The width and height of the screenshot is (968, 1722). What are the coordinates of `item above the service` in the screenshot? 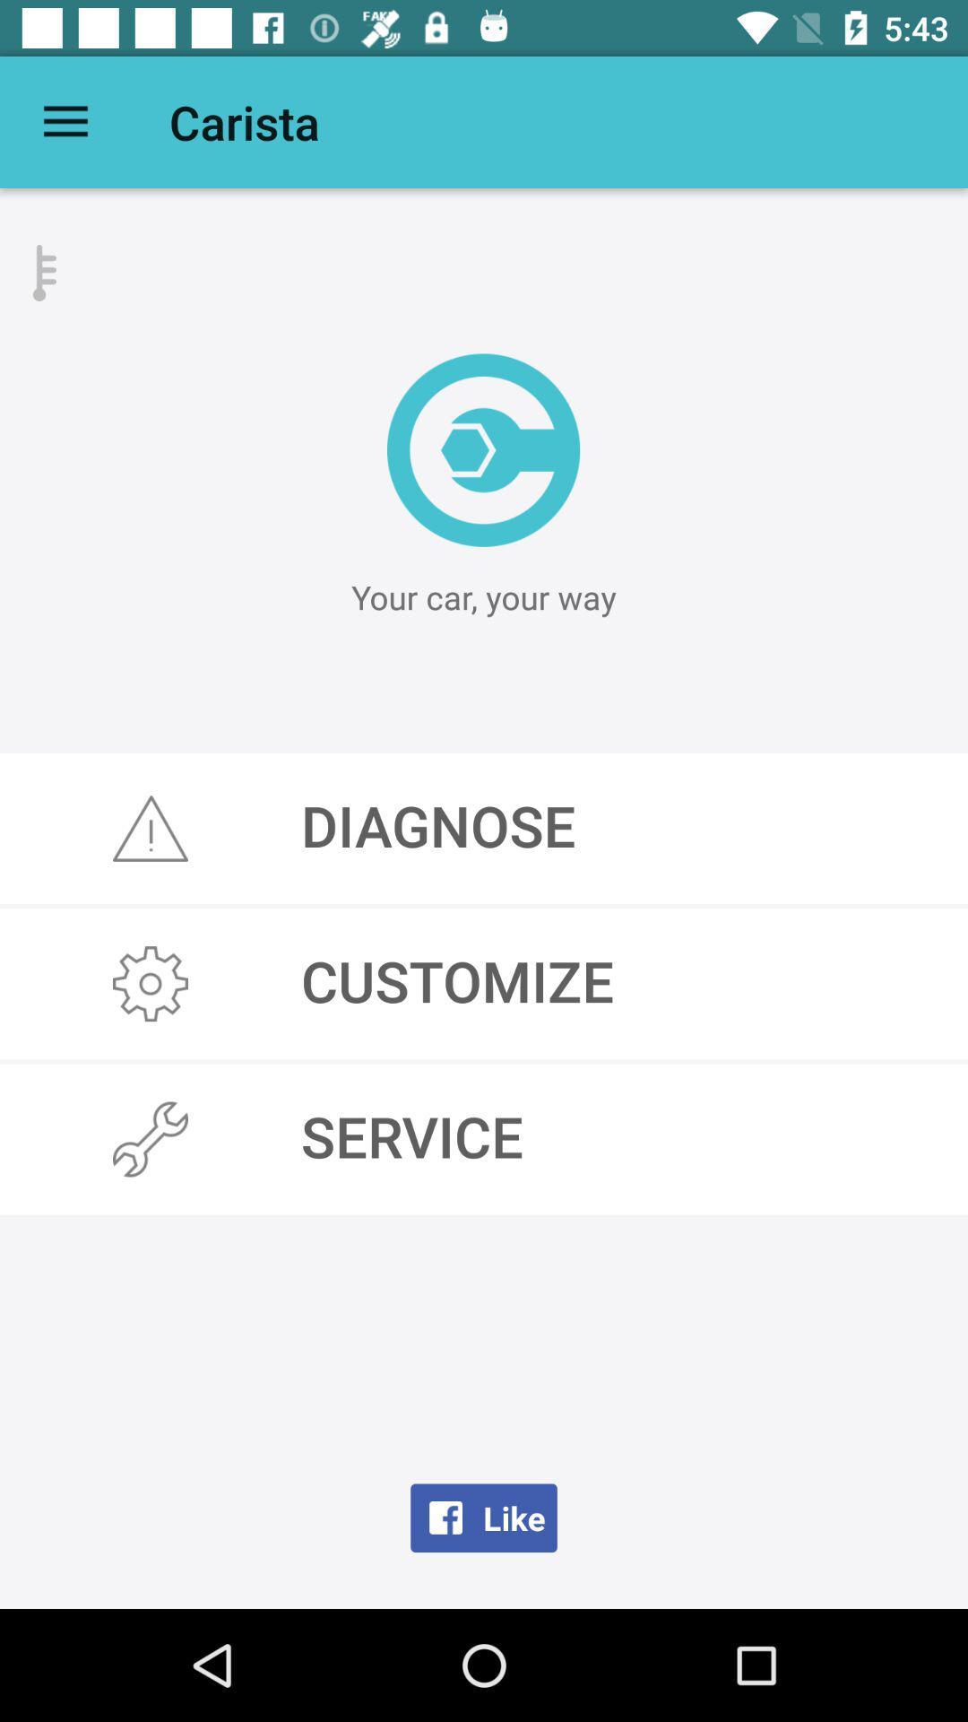 It's located at (484, 983).